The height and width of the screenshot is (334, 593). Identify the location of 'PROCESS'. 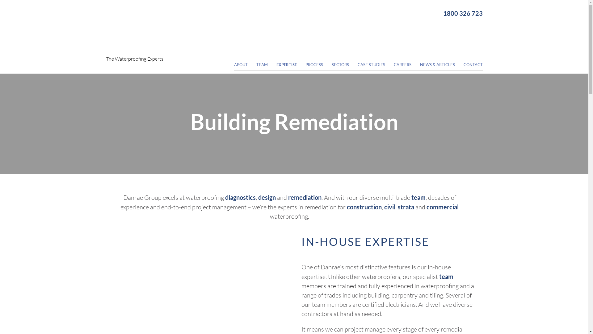
(305, 64).